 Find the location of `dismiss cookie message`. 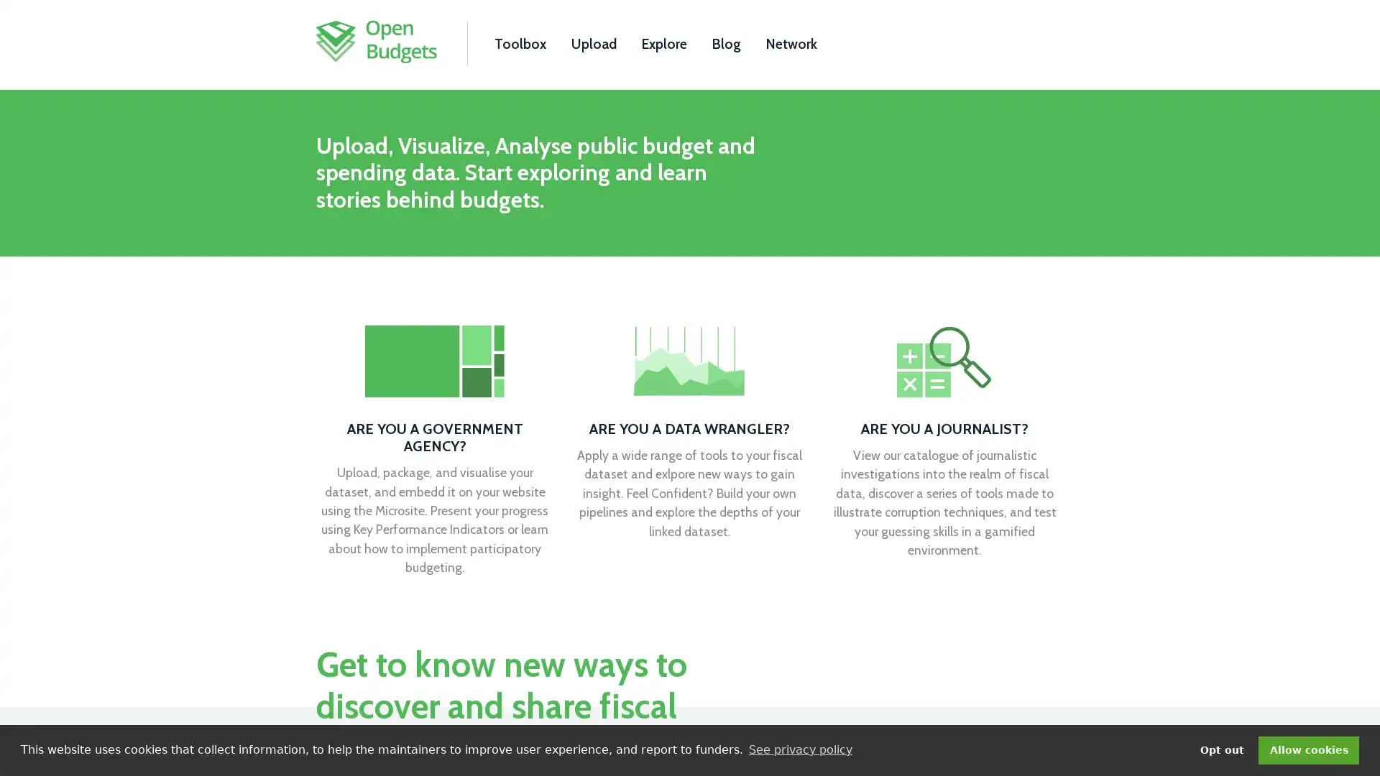

dismiss cookie message is located at coordinates (1308, 749).